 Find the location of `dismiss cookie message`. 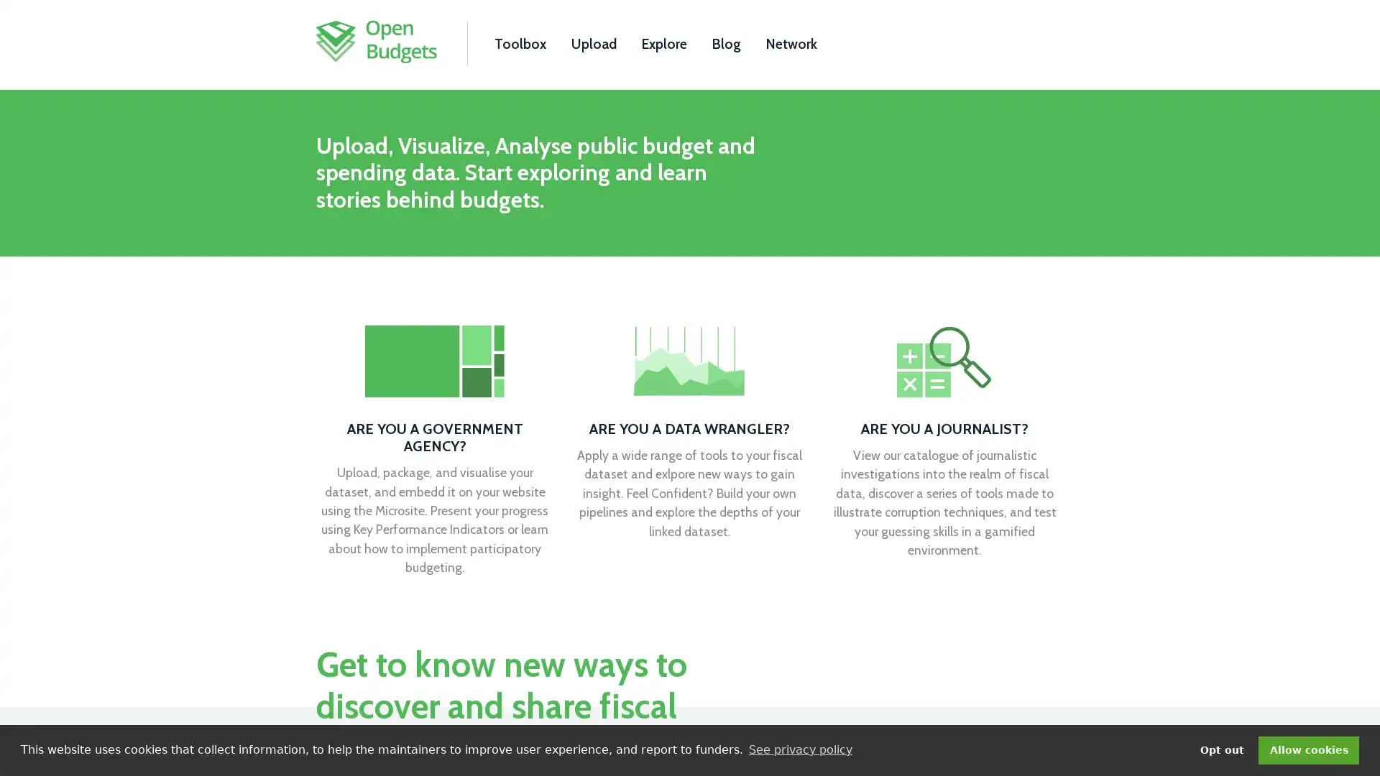

dismiss cookie message is located at coordinates (1308, 749).